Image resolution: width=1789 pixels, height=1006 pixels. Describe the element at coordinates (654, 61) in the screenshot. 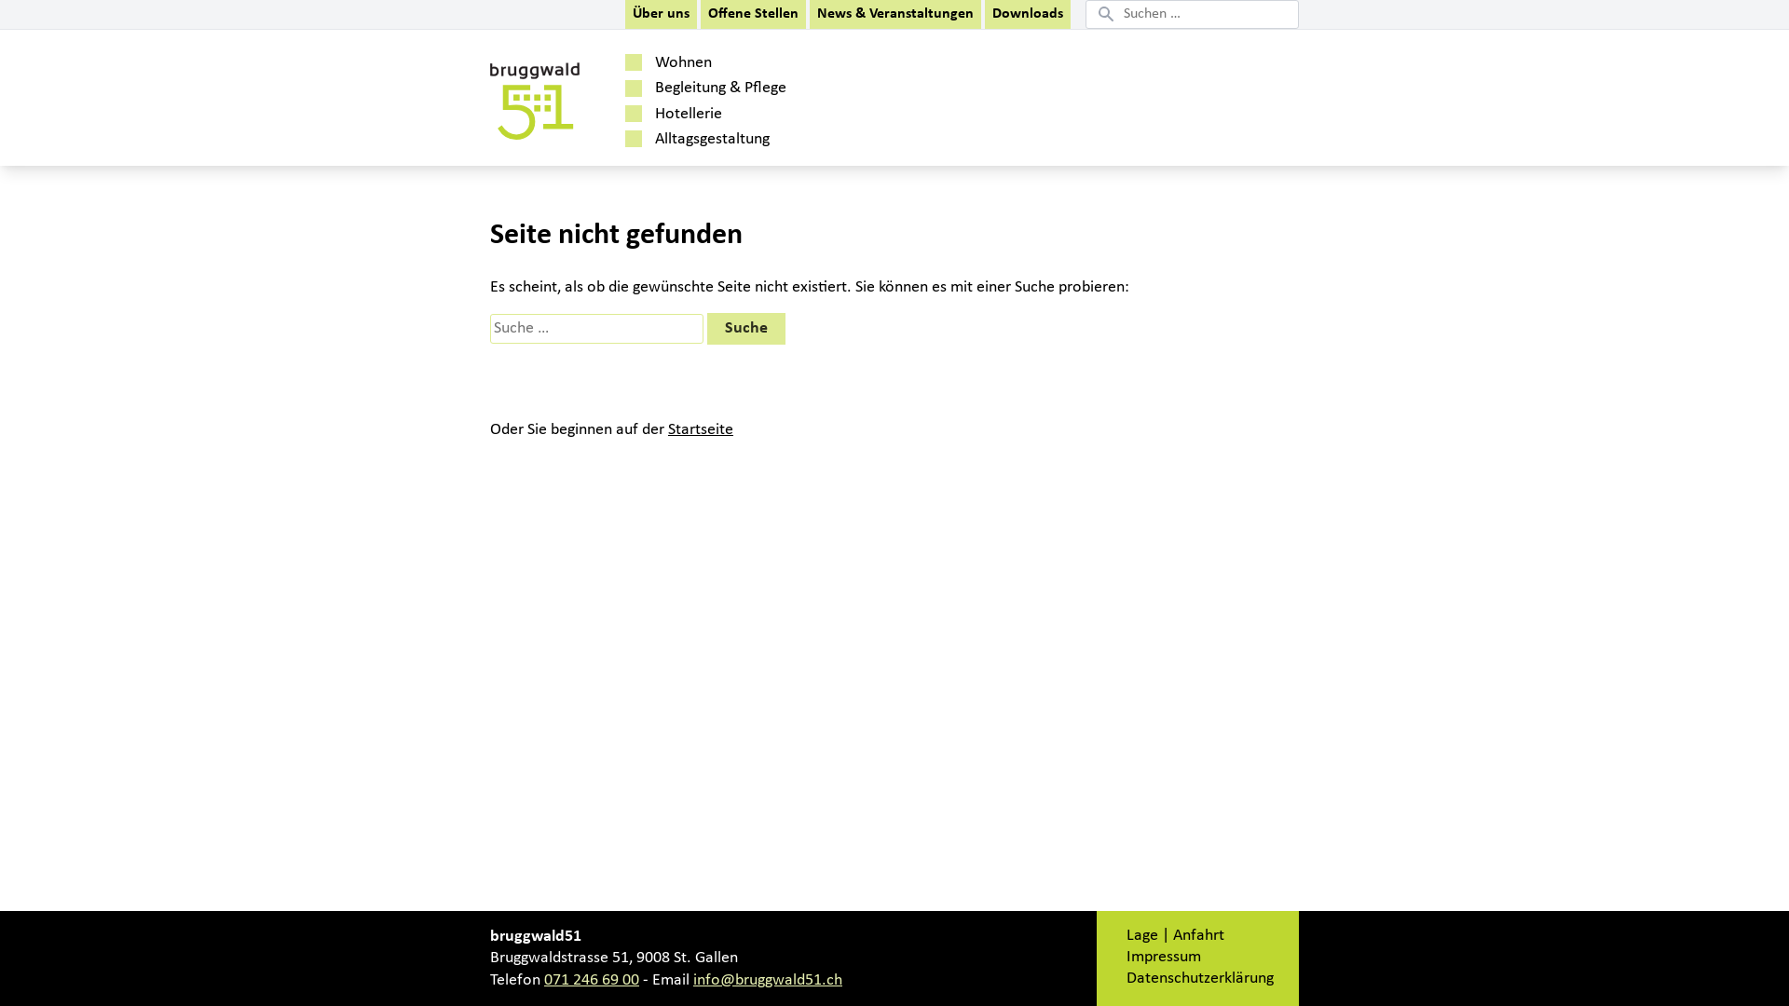

I see `'Wohnen'` at that location.